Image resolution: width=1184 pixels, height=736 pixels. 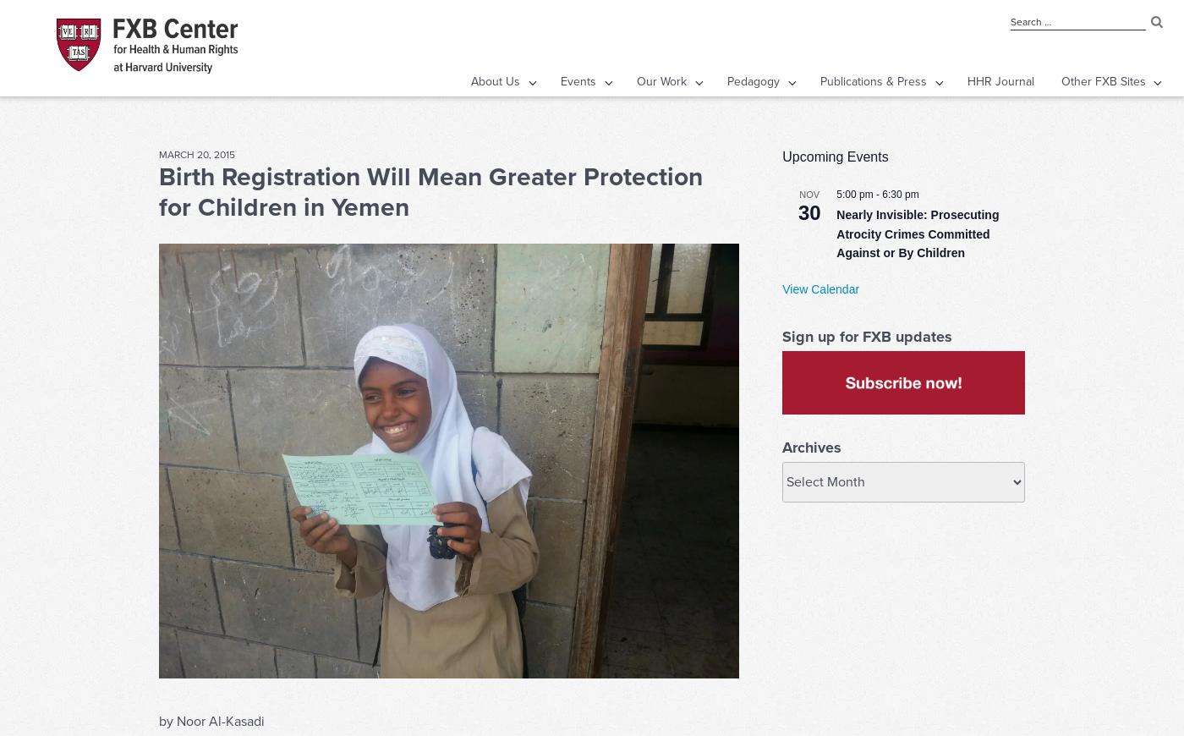 I want to click on 'Selected Past Case Studies', so click(x=607, y=276).